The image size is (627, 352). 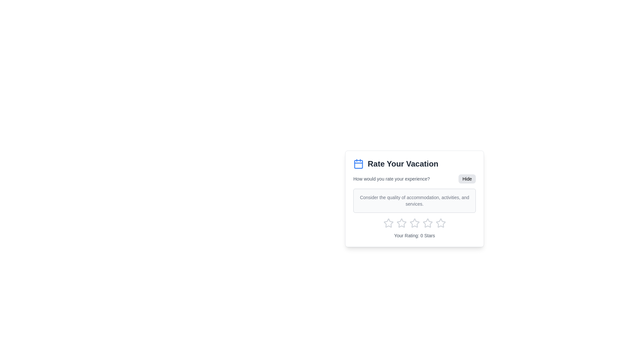 What do you see at coordinates (414, 223) in the screenshot?
I see `across the five outlined stars in the interactive star-based rating control` at bounding box center [414, 223].